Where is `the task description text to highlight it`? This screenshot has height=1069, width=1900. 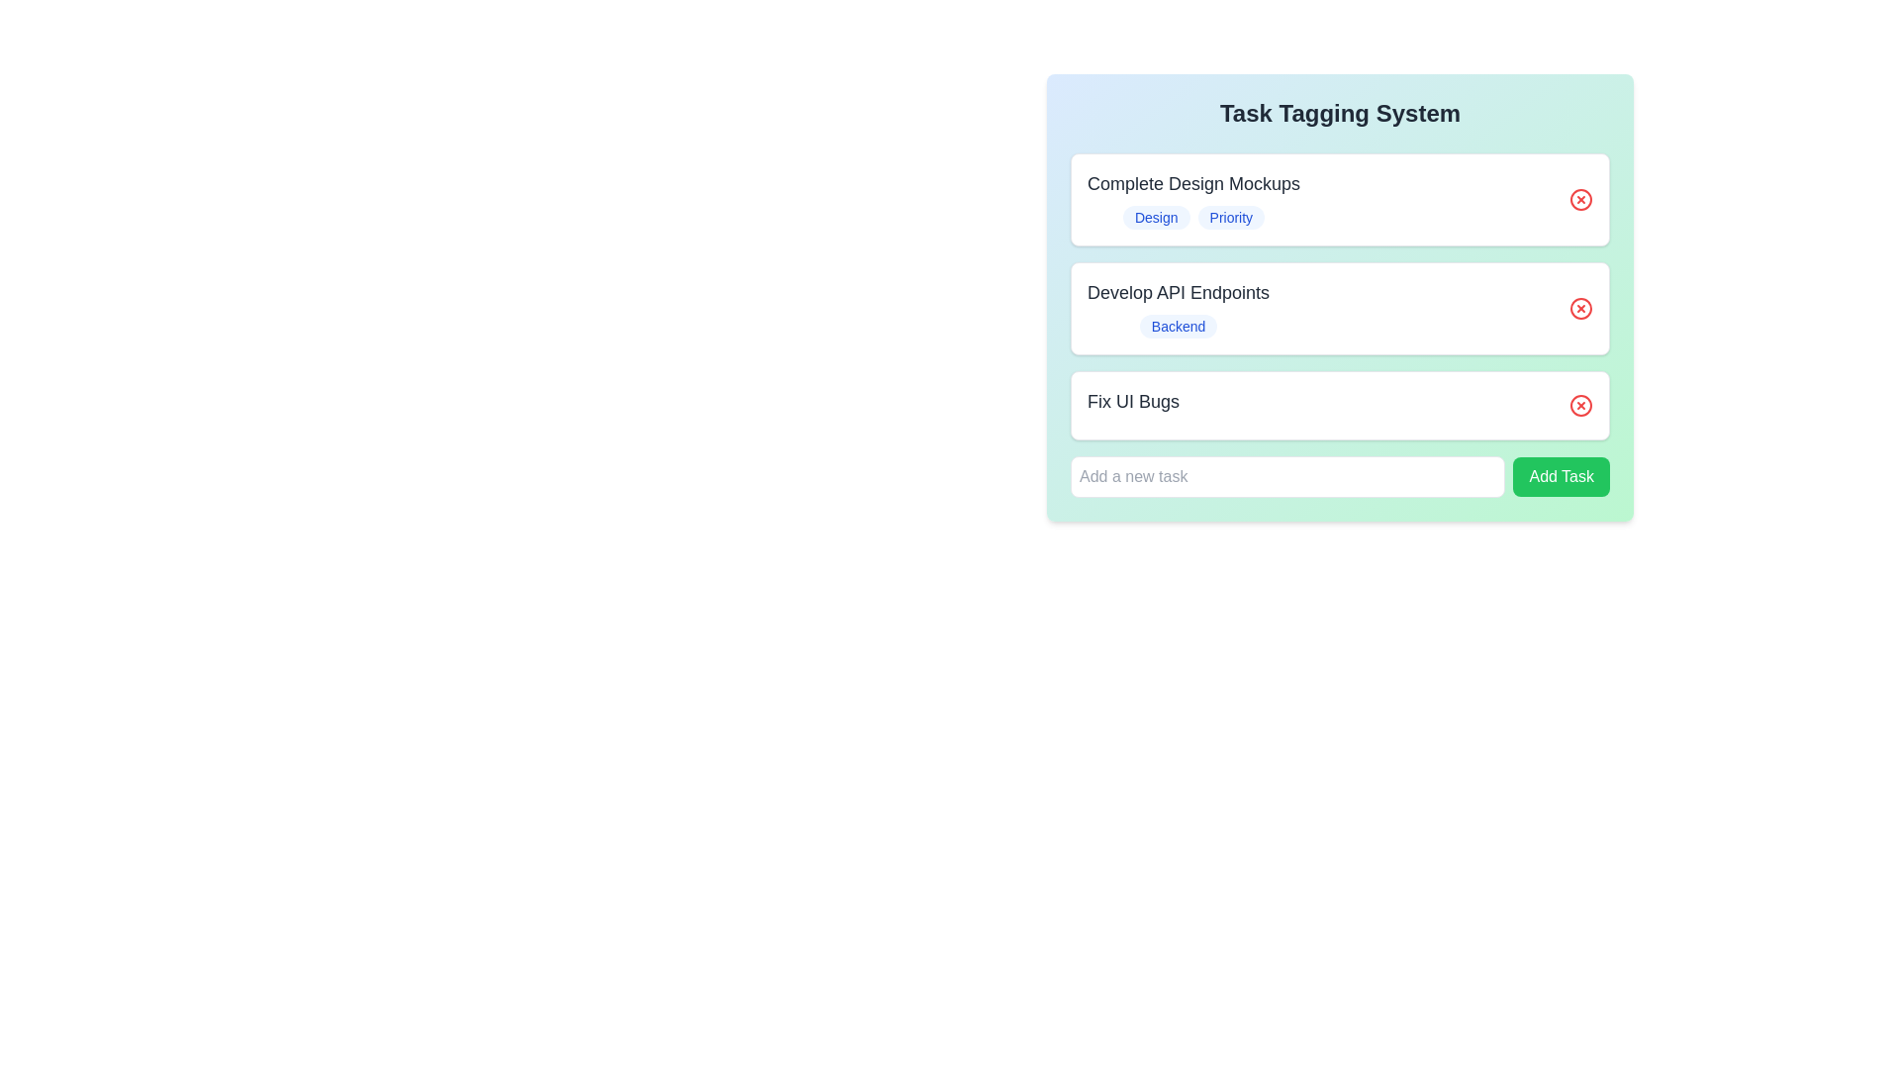
the task description text to highlight it is located at coordinates (1192, 183).